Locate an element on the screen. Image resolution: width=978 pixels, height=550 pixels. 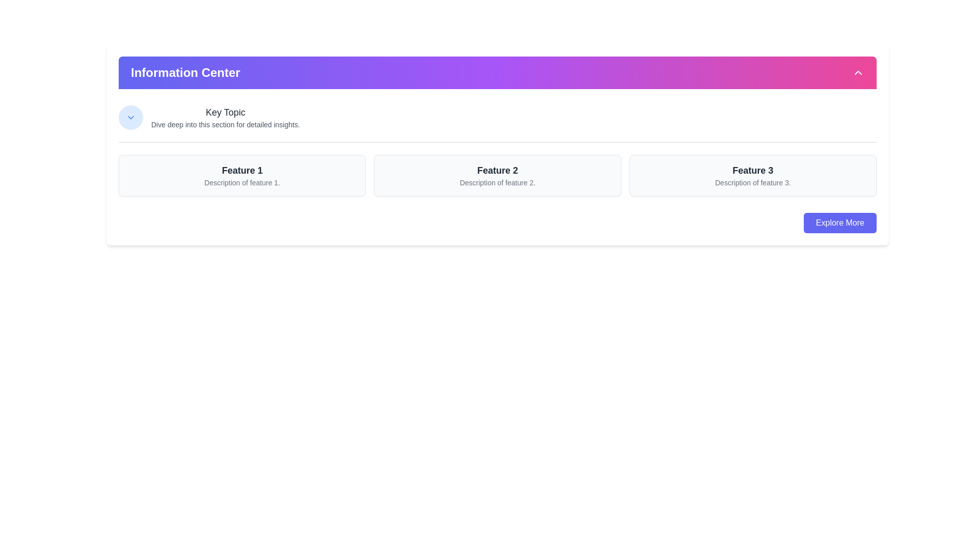
the informative card labeled 'Feature 1' located in the first column of the grid layout, directly below 'Information Center' and 'Key Topic.' is located at coordinates (241, 175).